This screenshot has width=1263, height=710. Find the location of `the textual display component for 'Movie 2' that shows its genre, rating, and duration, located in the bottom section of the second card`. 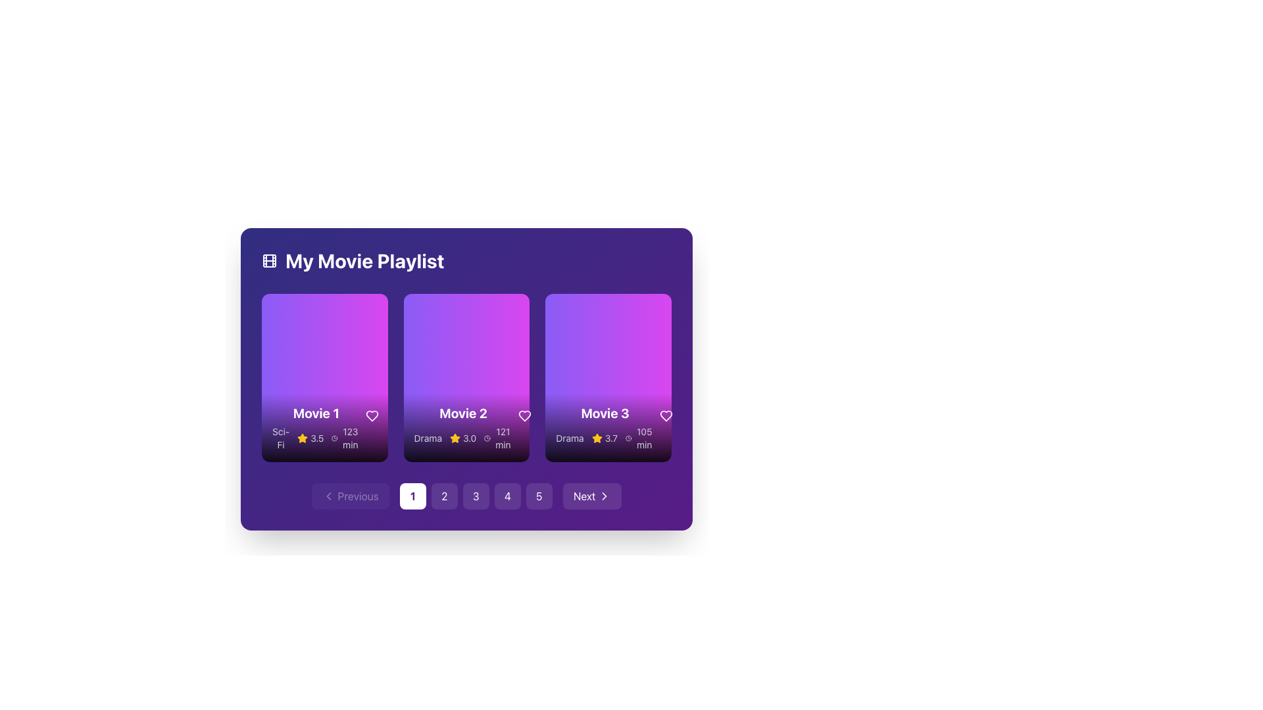

the textual display component for 'Movie 2' that shows its genre, rating, and duration, located in the bottom section of the second card is located at coordinates (466, 428).